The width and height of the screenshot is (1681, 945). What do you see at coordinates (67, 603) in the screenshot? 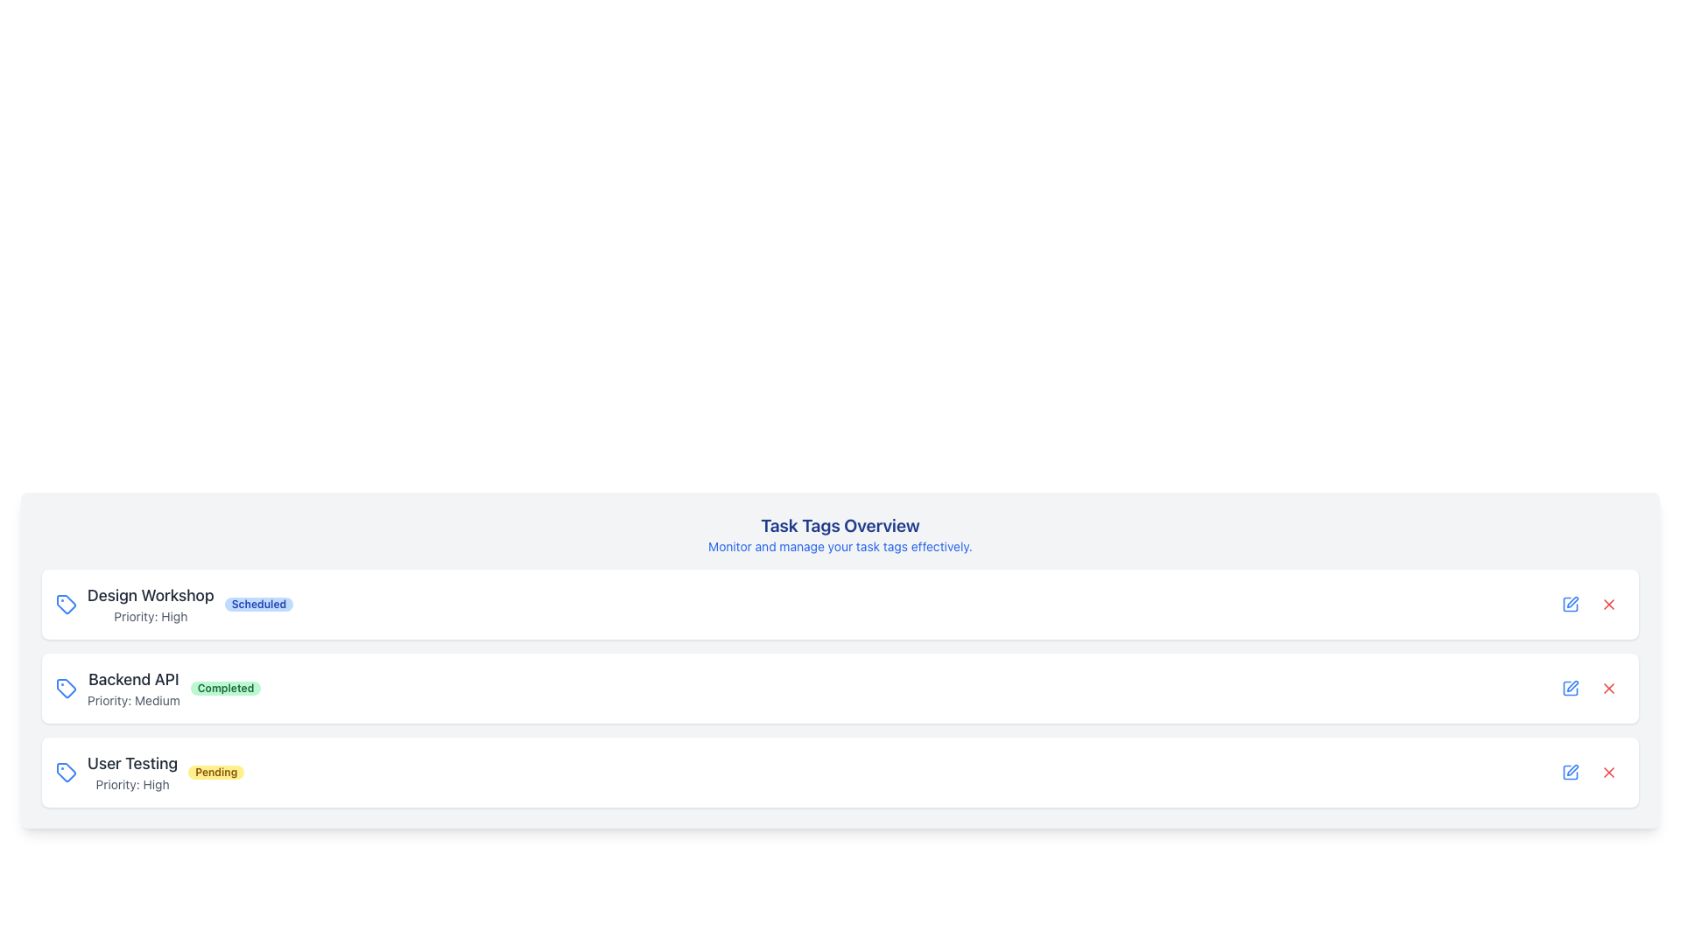
I see `the blue SVG icon resembling a tag on the left of the 'Design Workshop' task item` at bounding box center [67, 603].